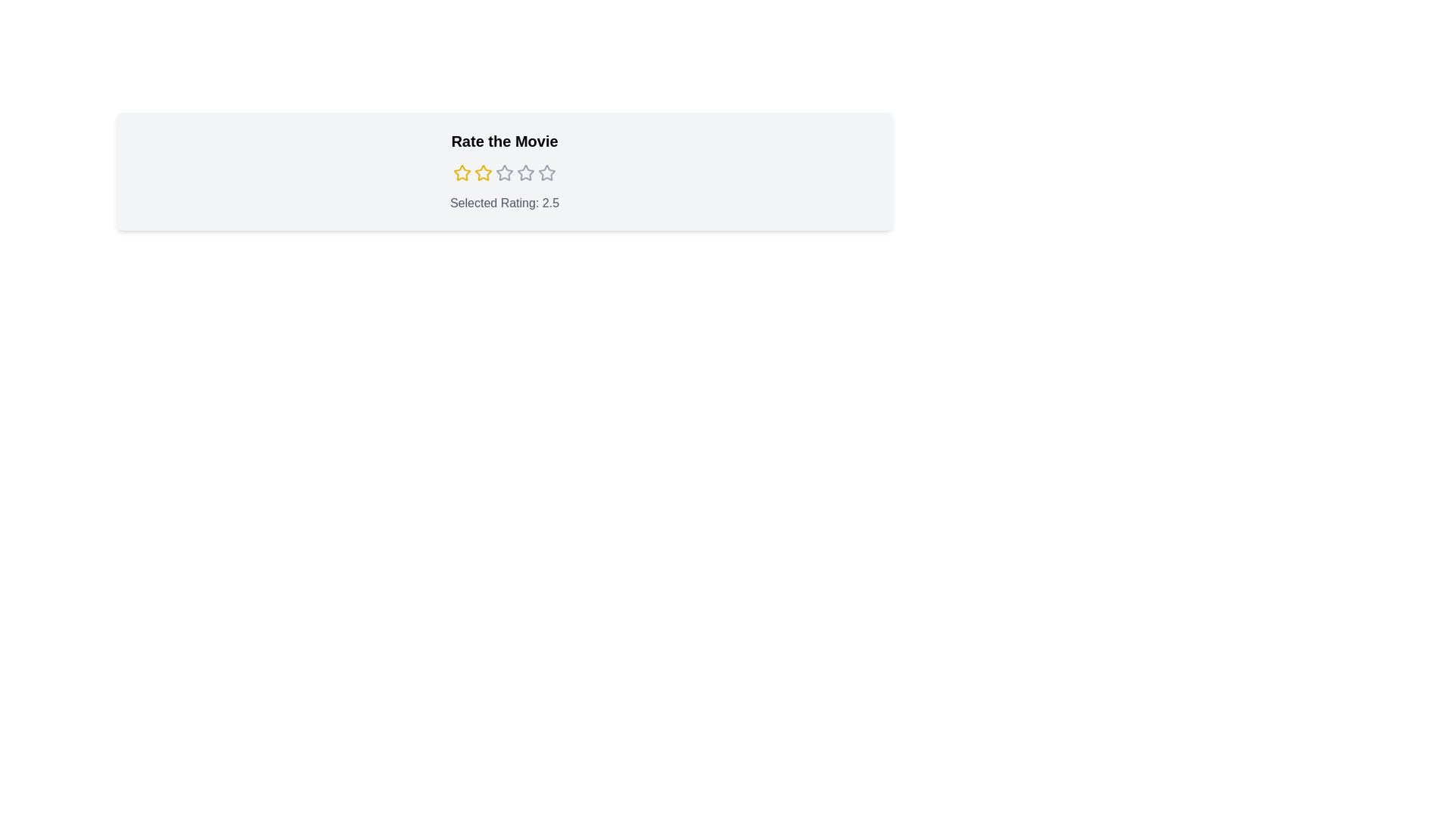  I want to click on the third star in a 5-star rating system to provide a visual cue for selection, so click(505, 172).